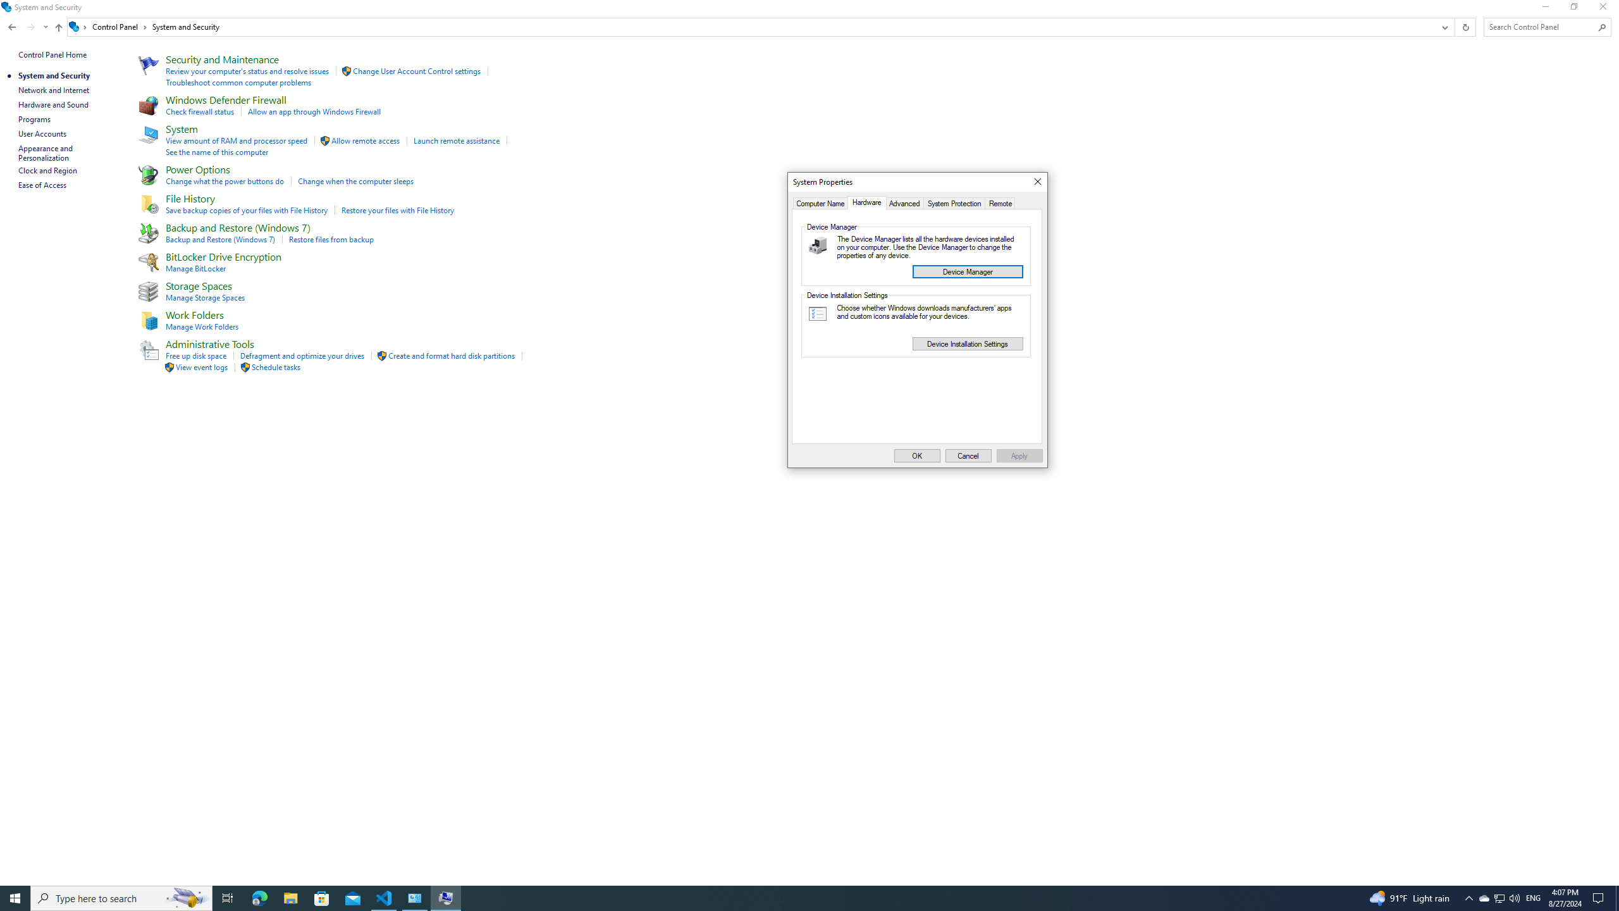  What do you see at coordinates (966, 342) in the screenshot?
I see `'Device Installation Settings'` at bounding box center [966, 342].